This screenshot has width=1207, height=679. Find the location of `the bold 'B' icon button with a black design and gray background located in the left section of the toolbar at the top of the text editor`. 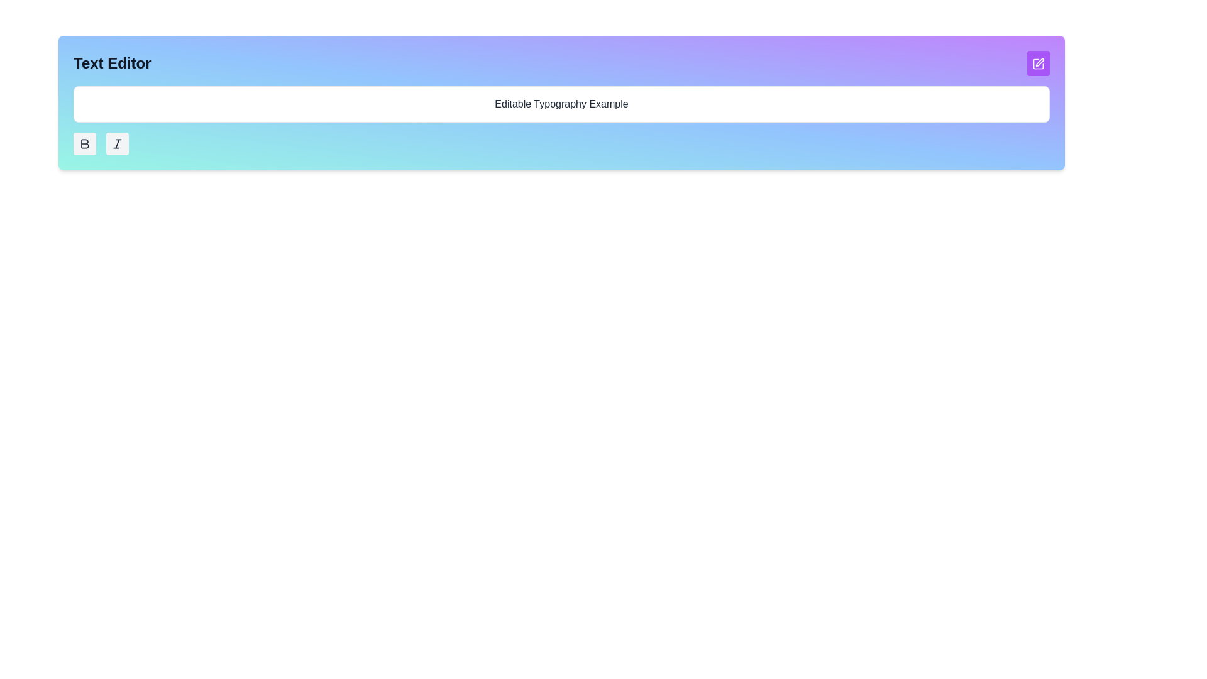

the bold 'B' icon button with a black design and gray background located in the left section of the toolbar at the top of the text editor is located at coordinates (84, 143).